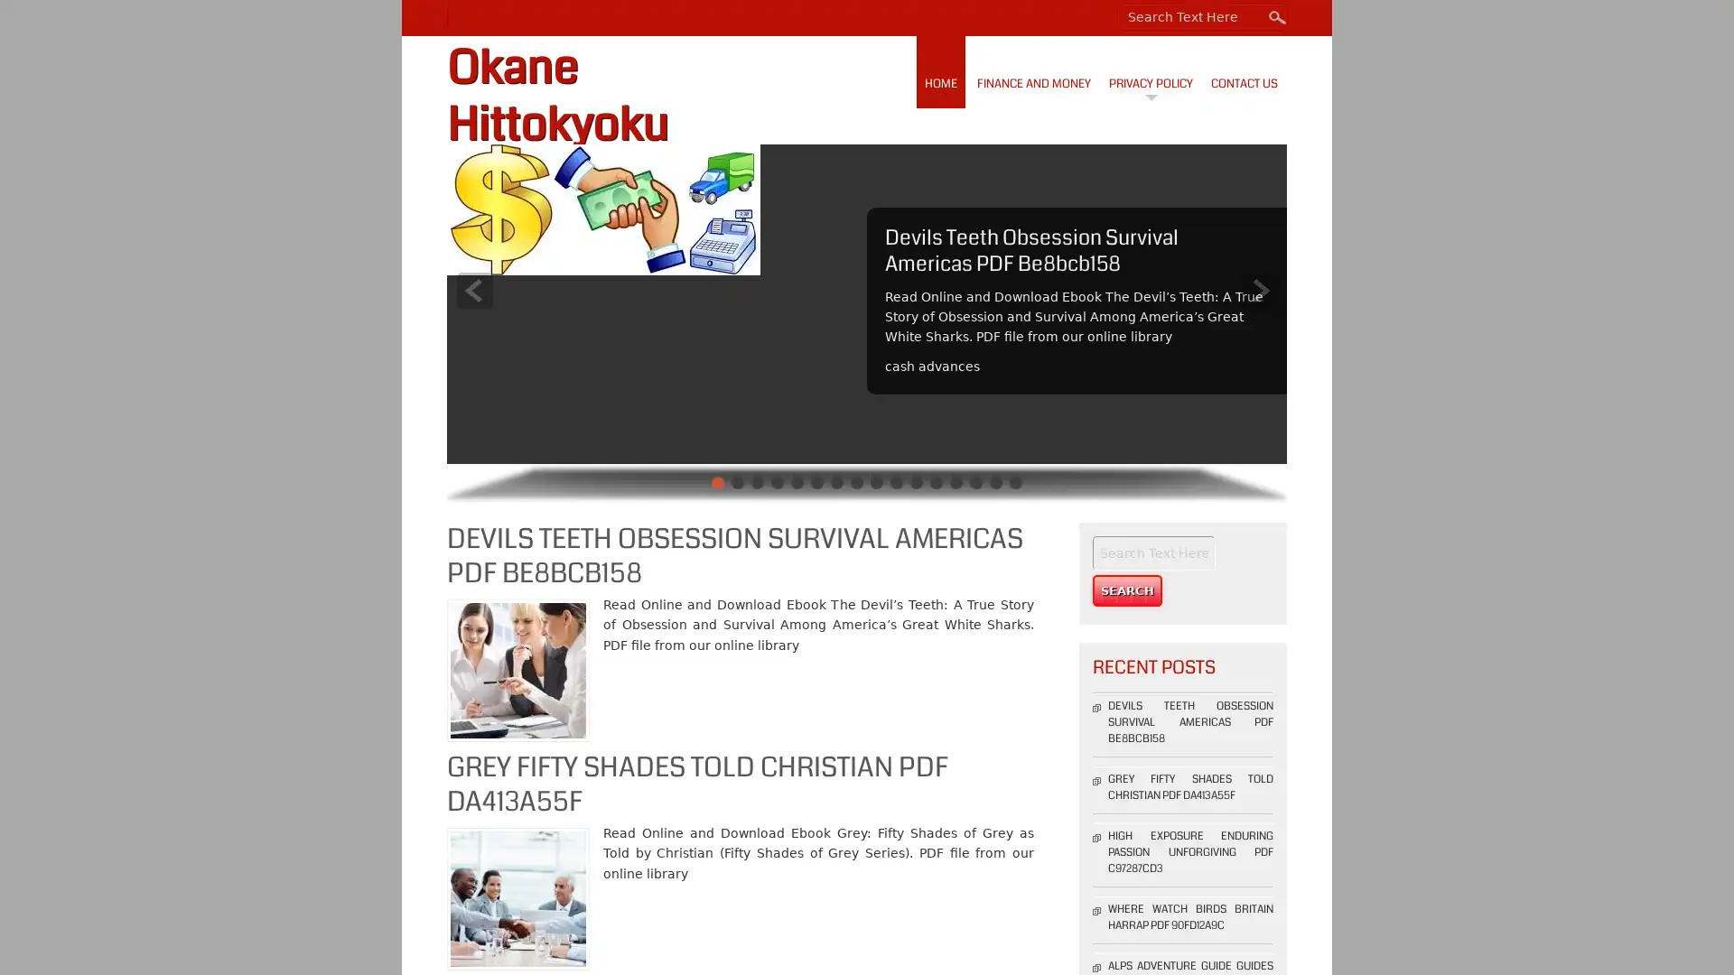 The image size is (1734, 975). What do you see at coordinates (1126, 590) in the screenshot?
I see `Search` at bounding box center [1126, 590].